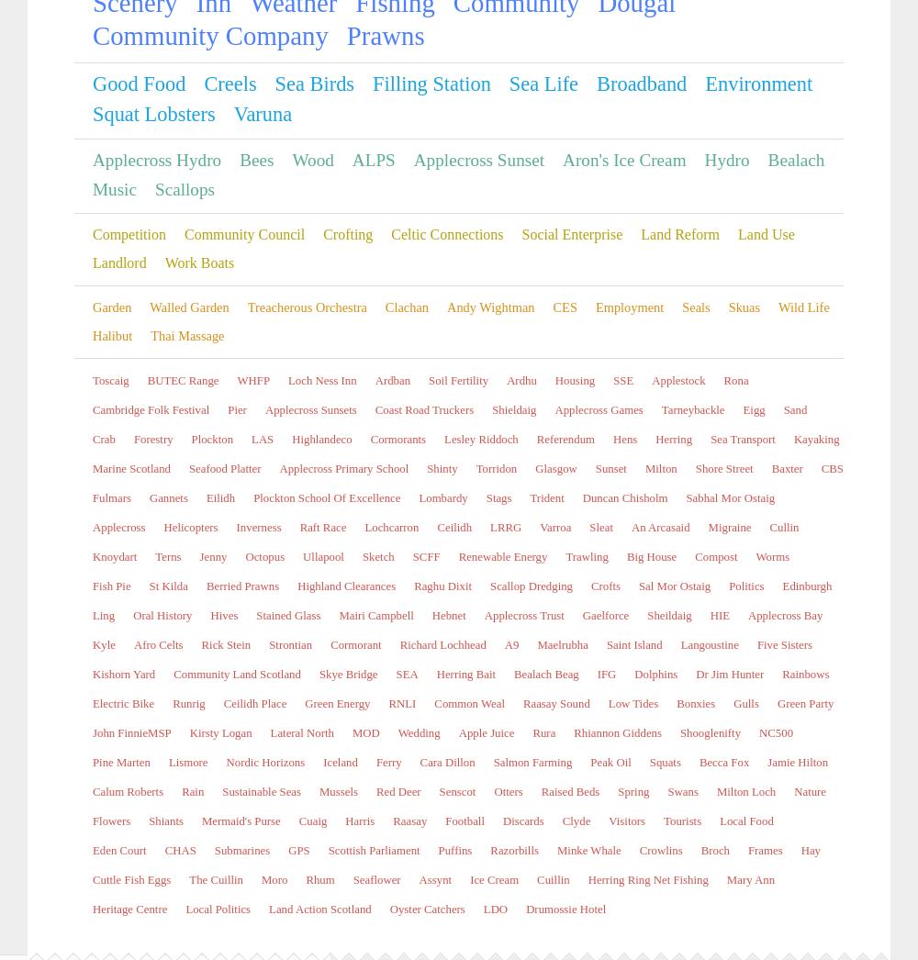 This screenshot has width=918, height=960. I want to click on 'Keeping the dogs off the beaches at the time of year is good for the seabirds, enabling them not to fly off trying to avoid mad spaniels and terriers. One or two little hiccups at the Hydro, a couple of tripped switches but no significant lose of power out put. Angus is always about.', so click(309, 439).